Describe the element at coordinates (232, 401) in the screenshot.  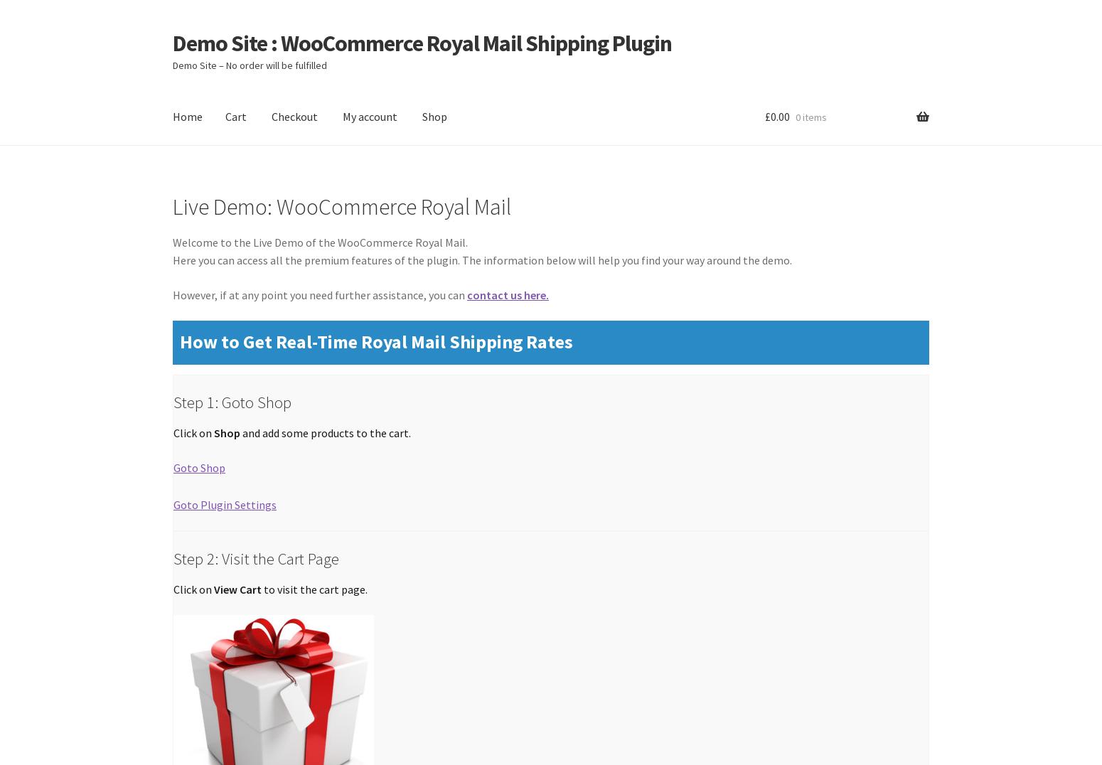
I see `'Step 1: Goto Shop'` at that location.